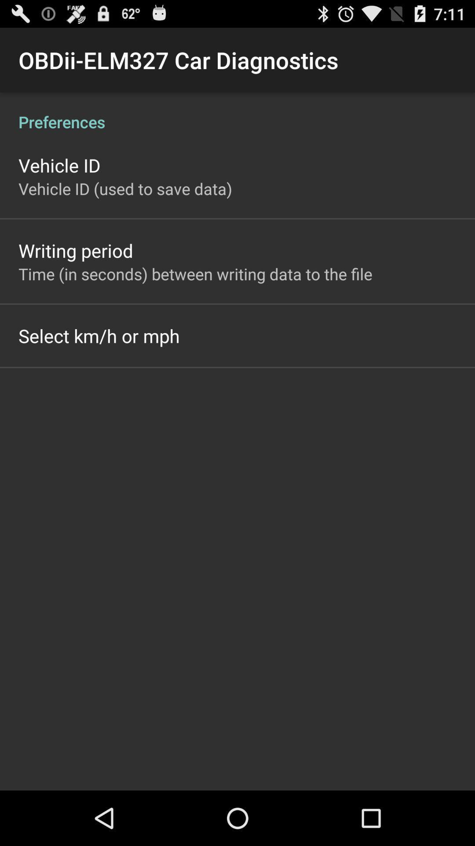 The height and width of the screenshot is (846, 475). I want to click on the time in seconds icon, so click(195, 273).